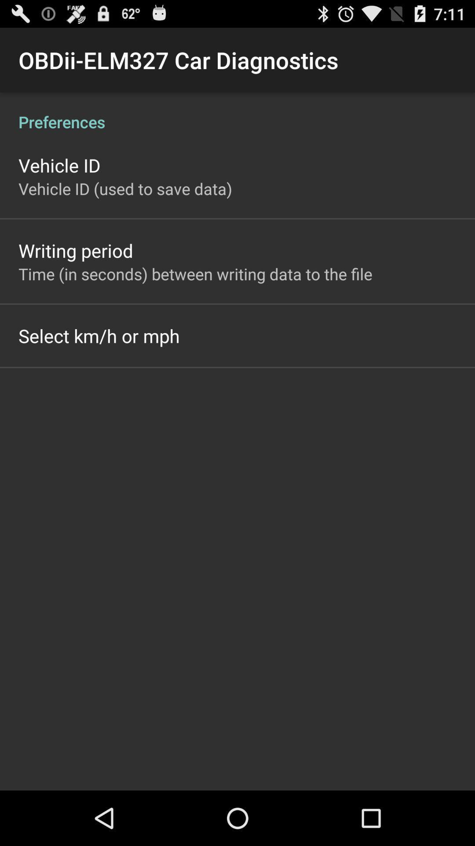 The height and width of the screenshot is (846, 475). I want to click on the time in seconds icon, so click(195, 273).